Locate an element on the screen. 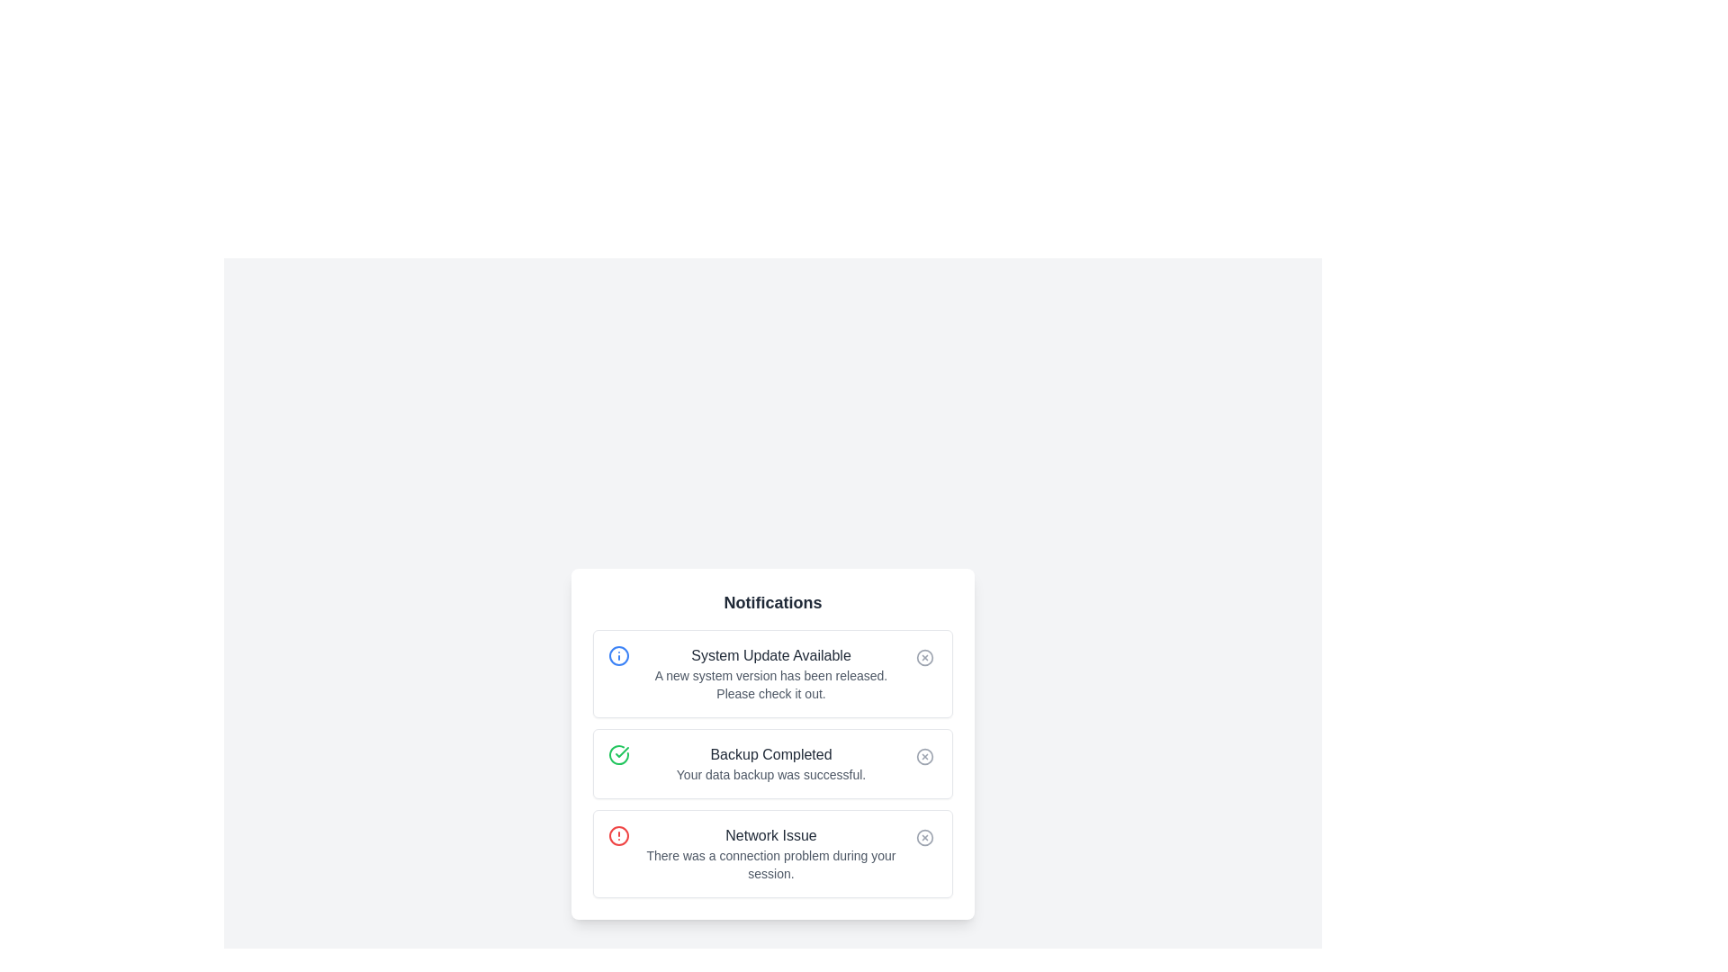  the blue information icon with a circular border and central dot located to the left of the text in the 'System Update Available' notification is located at coordinates (618, 656).